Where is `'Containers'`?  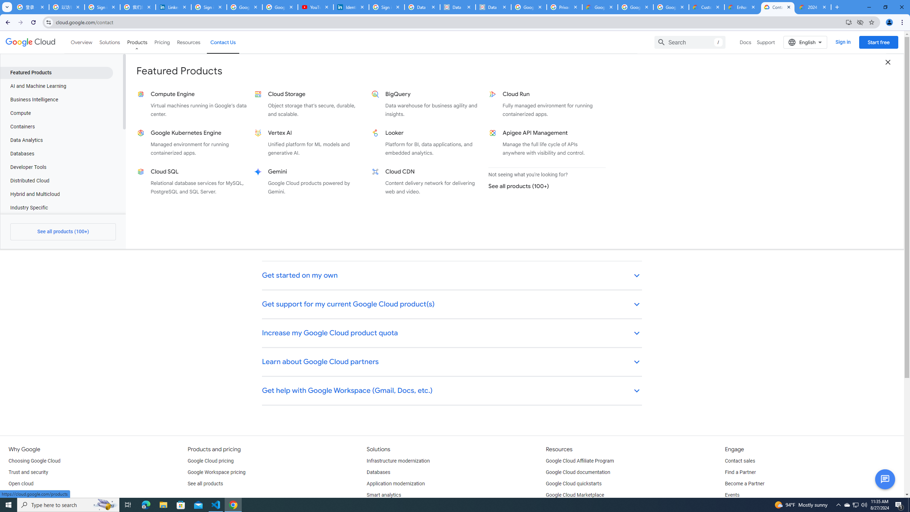
'Containers' is located at coordinates (56, 127).